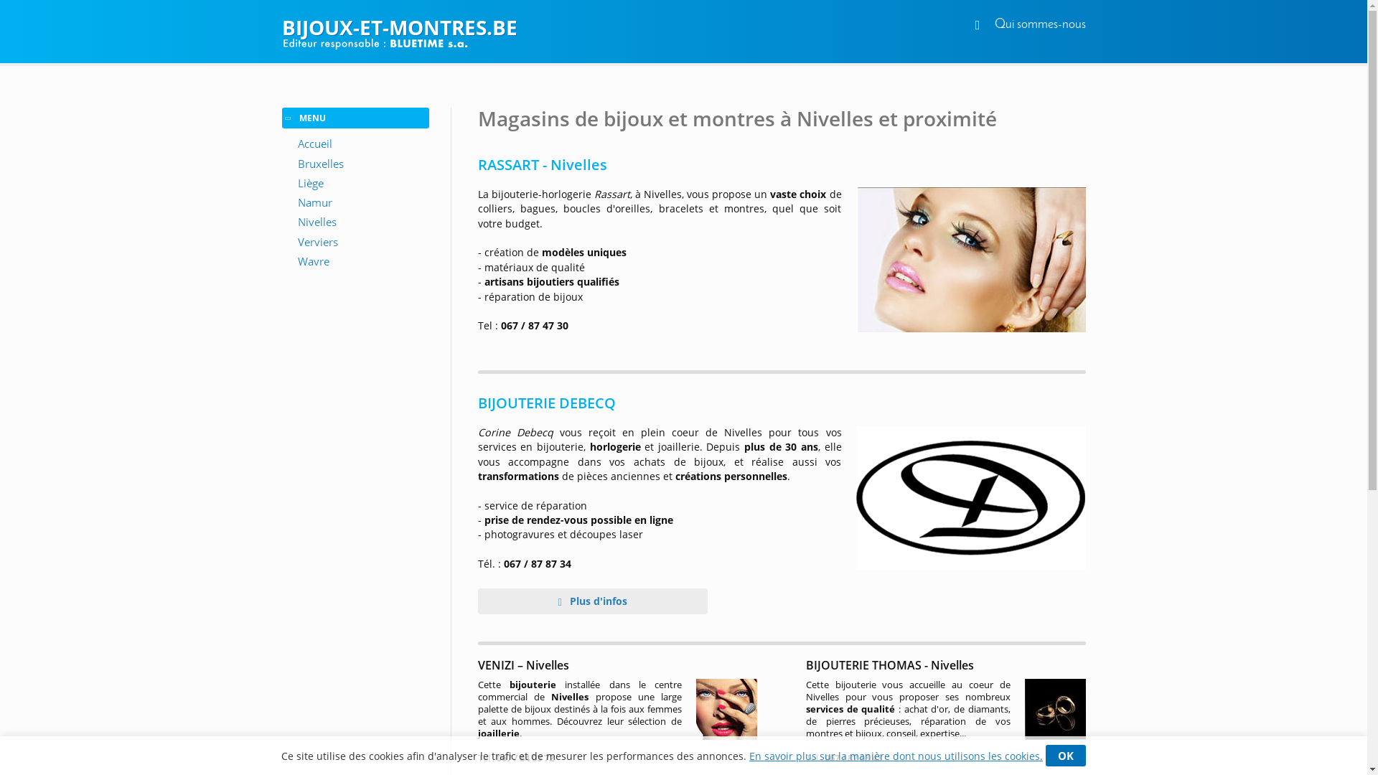  Describe the element at coordinates (994, 24) in the screenshot. I see `'Qui sommes-nous'` at that location.